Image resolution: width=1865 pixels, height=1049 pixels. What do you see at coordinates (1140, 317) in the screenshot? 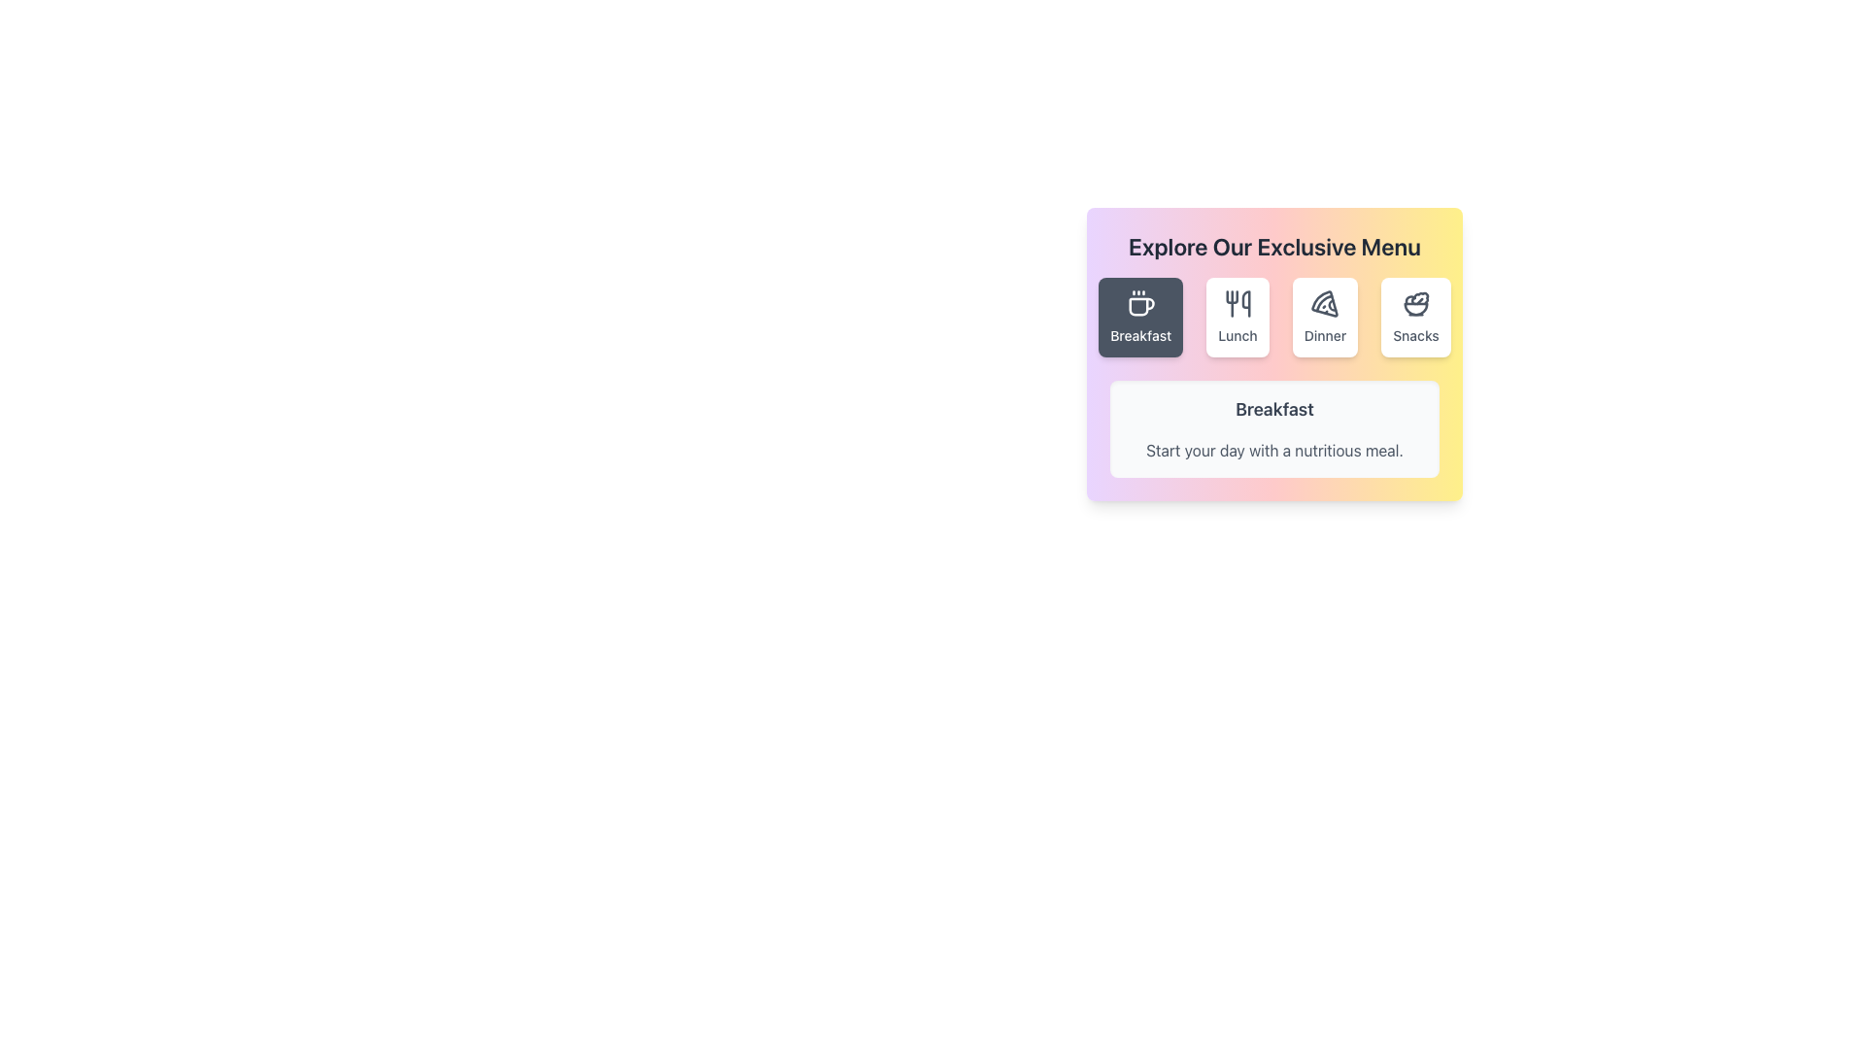
I see `the 'Breakfast' menu button, which is the first button in a group of four horizontally aligned buttons on the leftmost side of the group` at bounding box center [1140, 317].